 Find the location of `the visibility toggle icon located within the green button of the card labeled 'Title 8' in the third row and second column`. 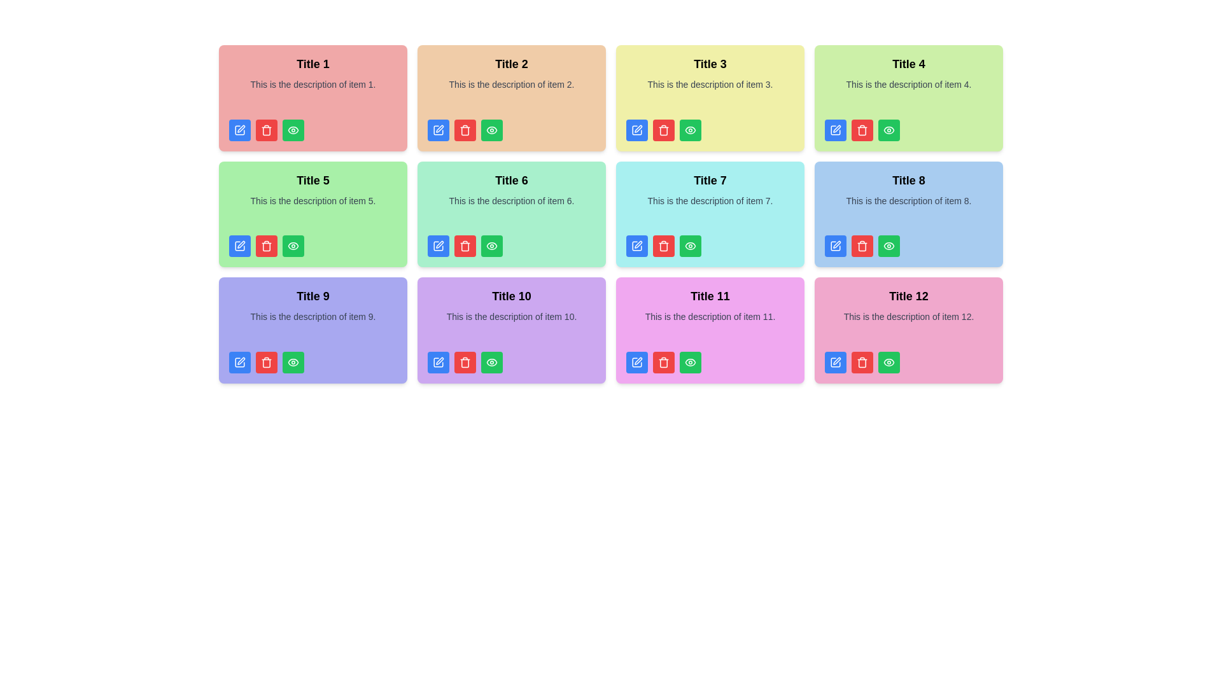

the visibility toggle icon located within the green button of the card labeled 'Title 8' in the third row and second column is located at coordinates (888, 246).